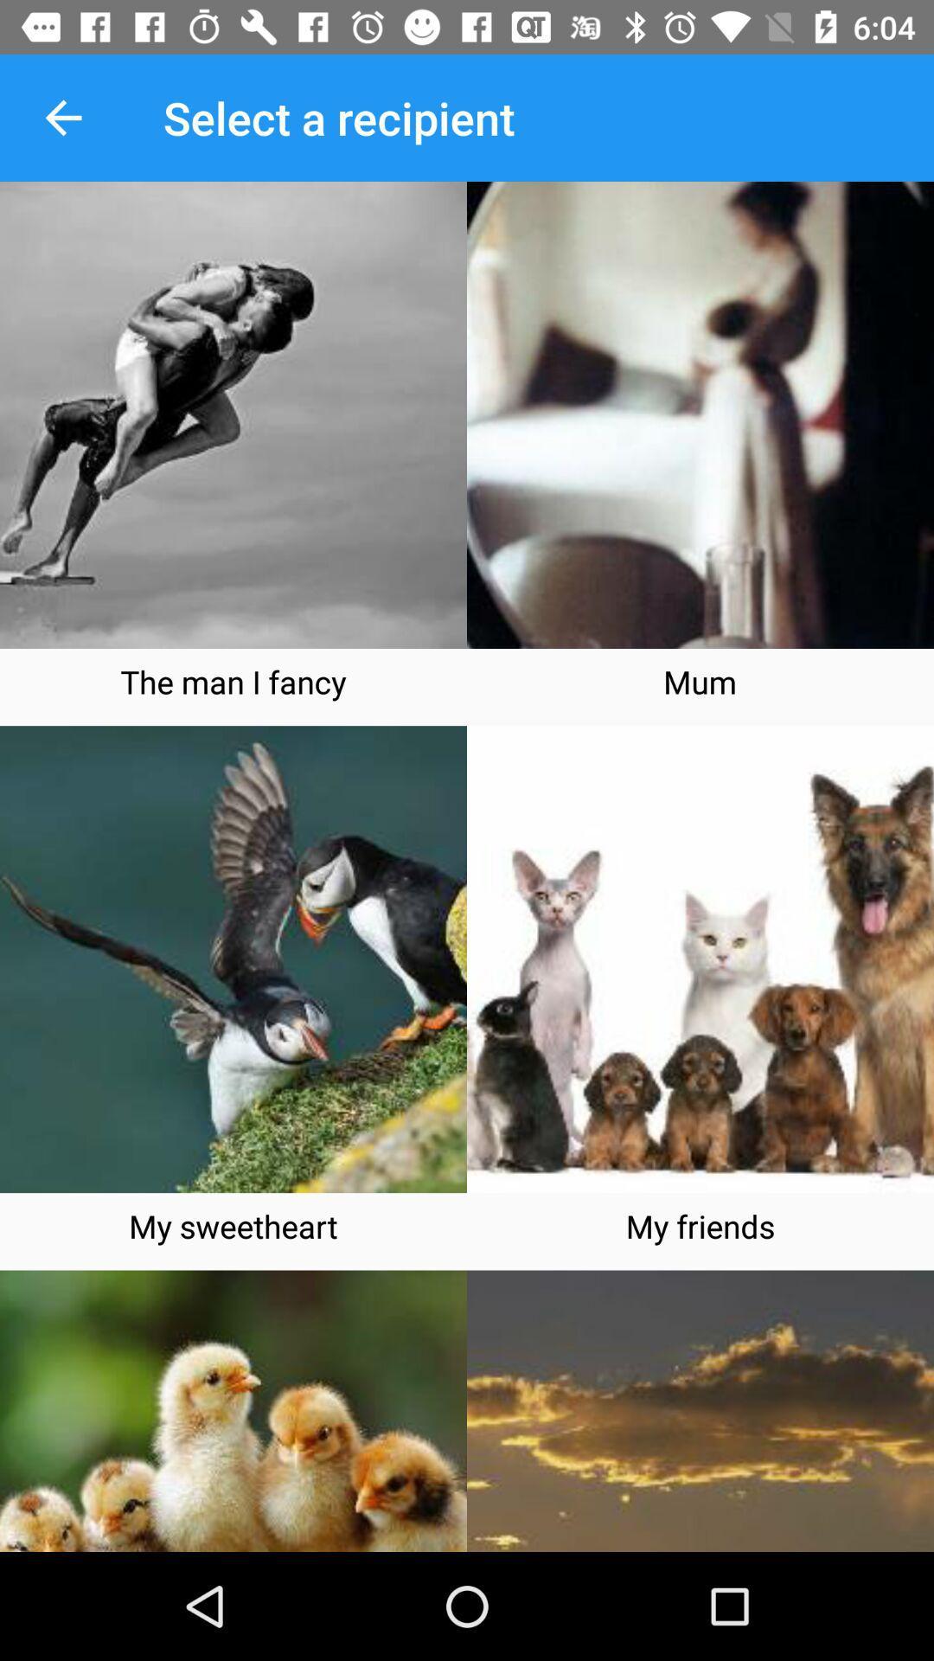 The width and height of the screenshot is (934, 1661). What do you see at coordinates (62, 117) in the screenshot?
I see `the item to the left of select a recipient item` at bounding box center [62, 117].